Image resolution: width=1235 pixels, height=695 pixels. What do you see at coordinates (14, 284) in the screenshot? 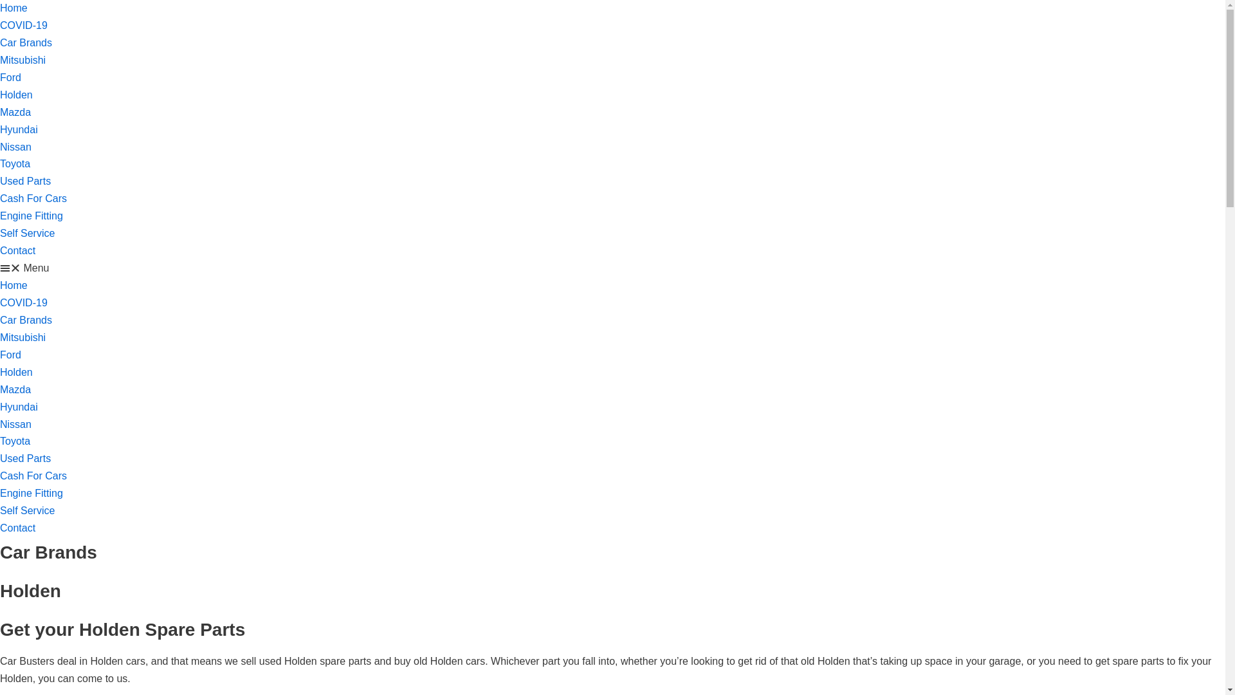
I see `'Home'` at bounding box center [14, 284].